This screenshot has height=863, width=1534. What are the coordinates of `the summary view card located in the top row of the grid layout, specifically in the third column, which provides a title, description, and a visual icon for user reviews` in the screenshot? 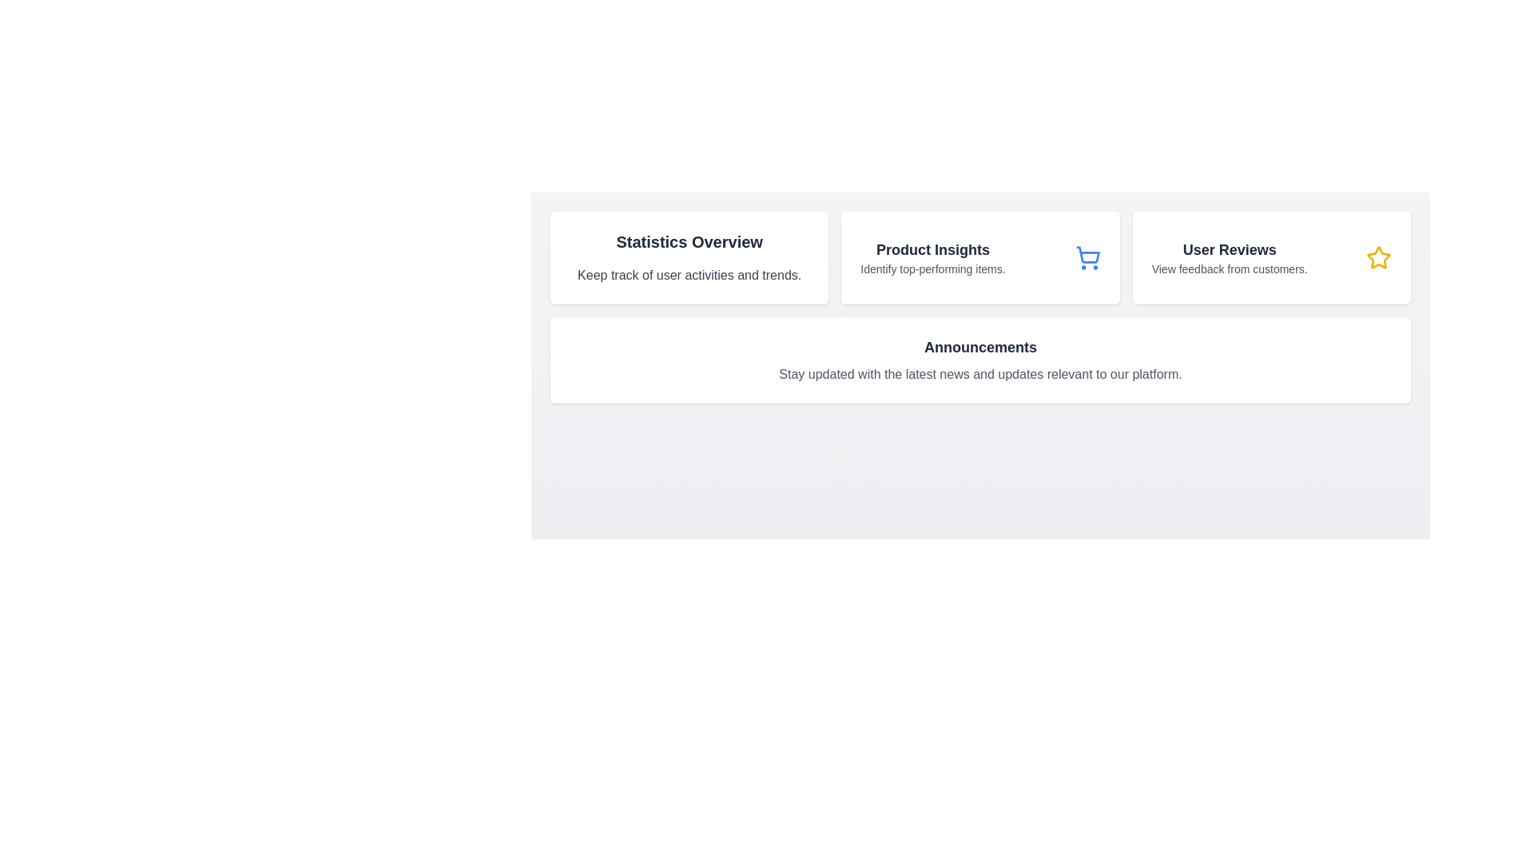 It's located at (1270, 257).